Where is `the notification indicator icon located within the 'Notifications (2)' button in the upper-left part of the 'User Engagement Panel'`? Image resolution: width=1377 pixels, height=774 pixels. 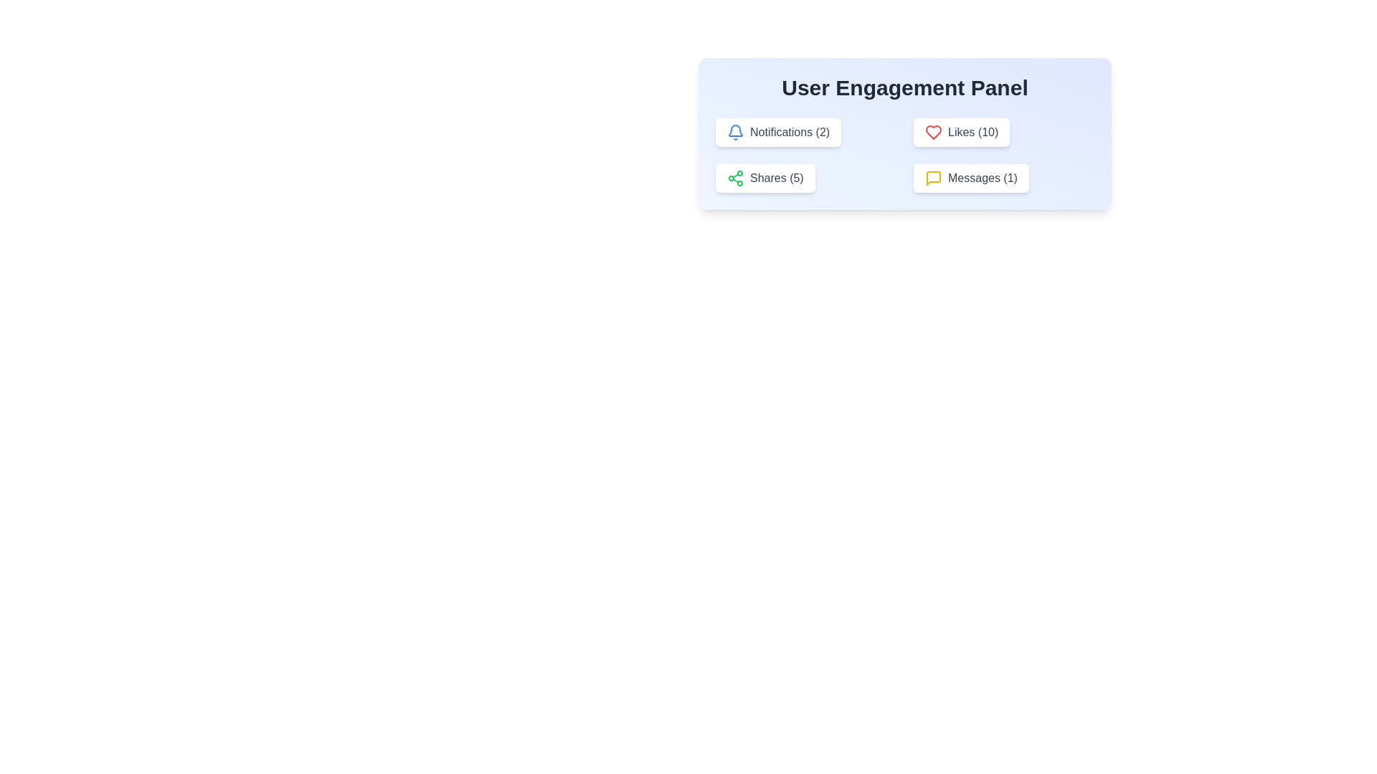
the notification indicator icon located within the 'Notifications (2)' button in the upper-left part of the 'User Engagement Panel' is located at coordinates (736, 133).